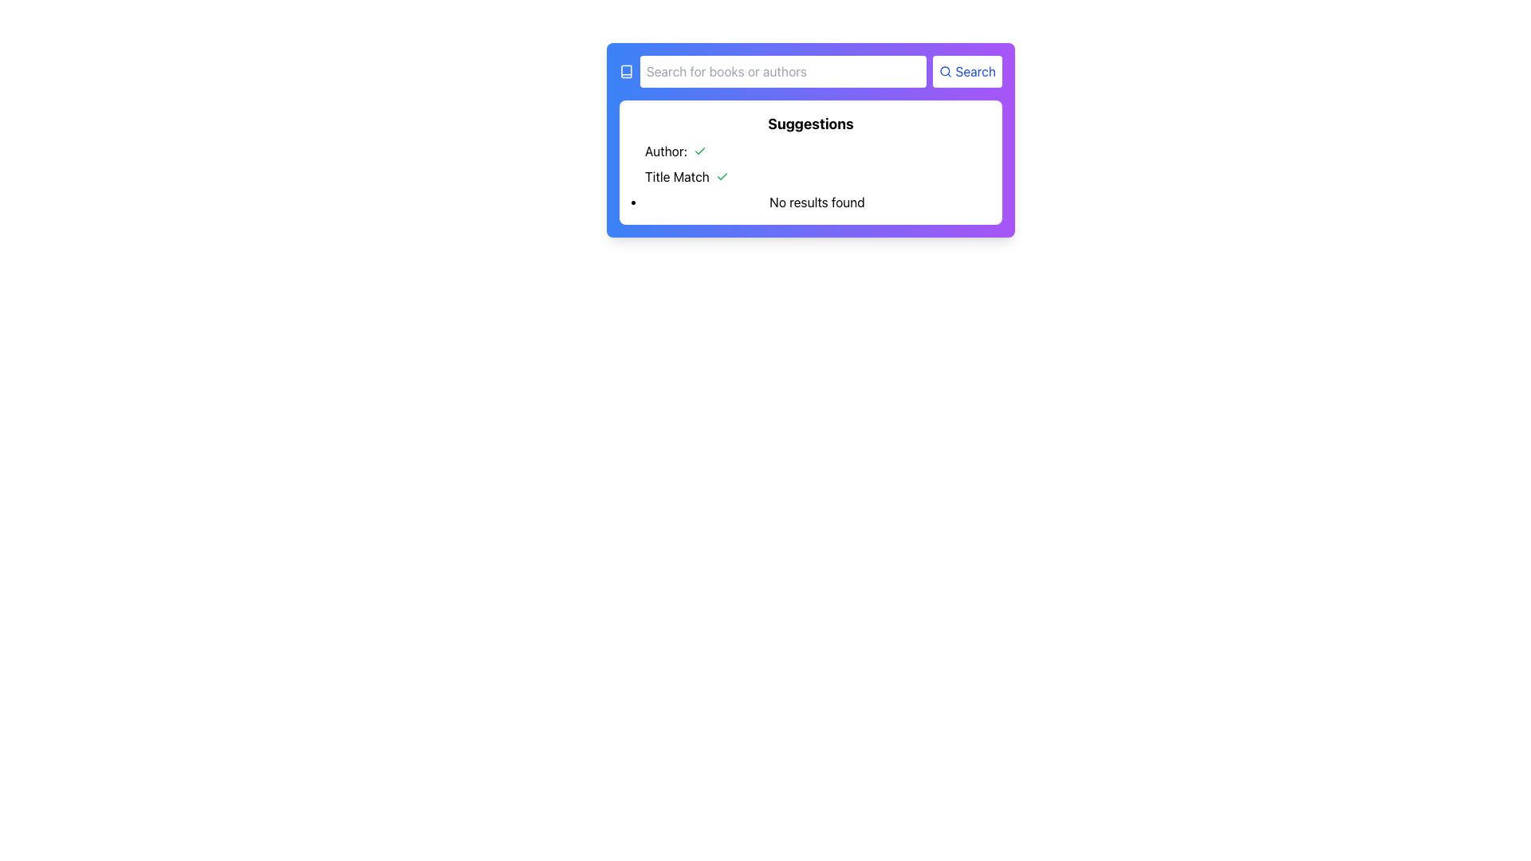 This screenshot has width=1531, height=861. What do you see at coordinates (625, 70) in the screenshot?
I see `the decorative icon located in the top-left corner of the search box, positioned slightly to the left of the search input area` at bounding box center [625, 70].